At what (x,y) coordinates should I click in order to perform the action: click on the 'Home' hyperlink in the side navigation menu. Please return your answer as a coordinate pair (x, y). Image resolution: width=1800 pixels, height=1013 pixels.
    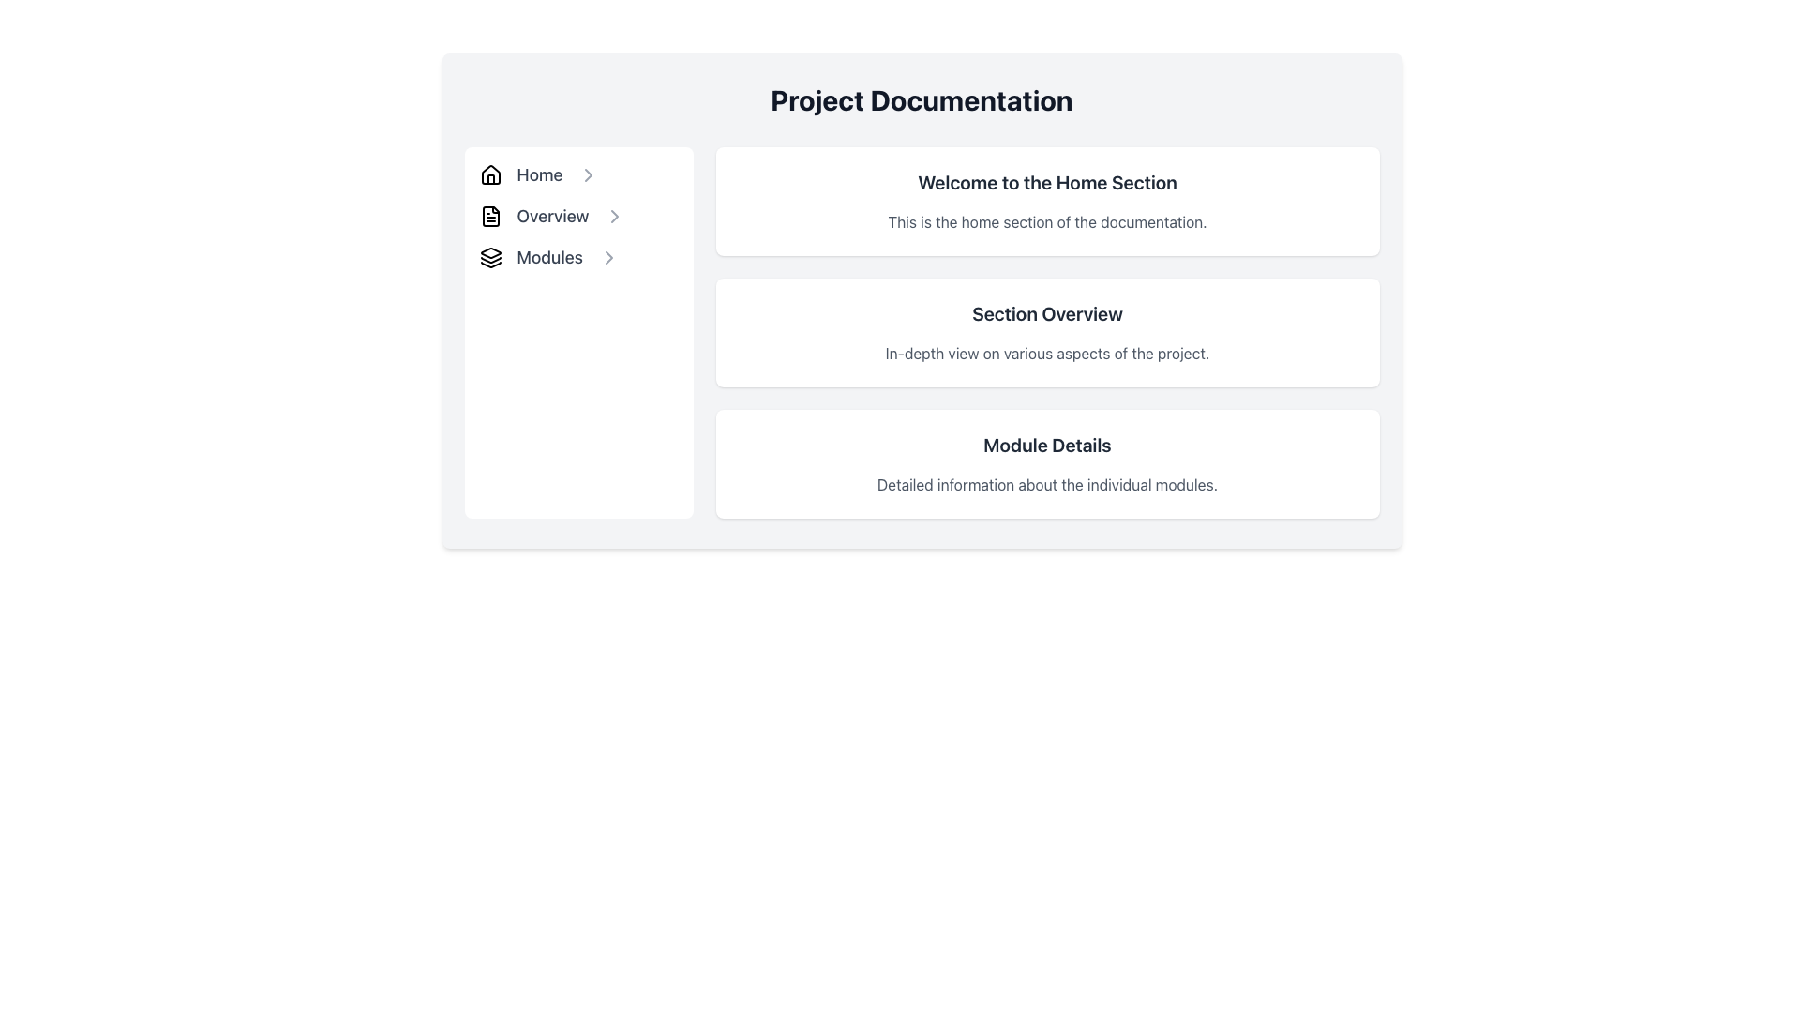
    Looking at the image, I should click on (539, 174).